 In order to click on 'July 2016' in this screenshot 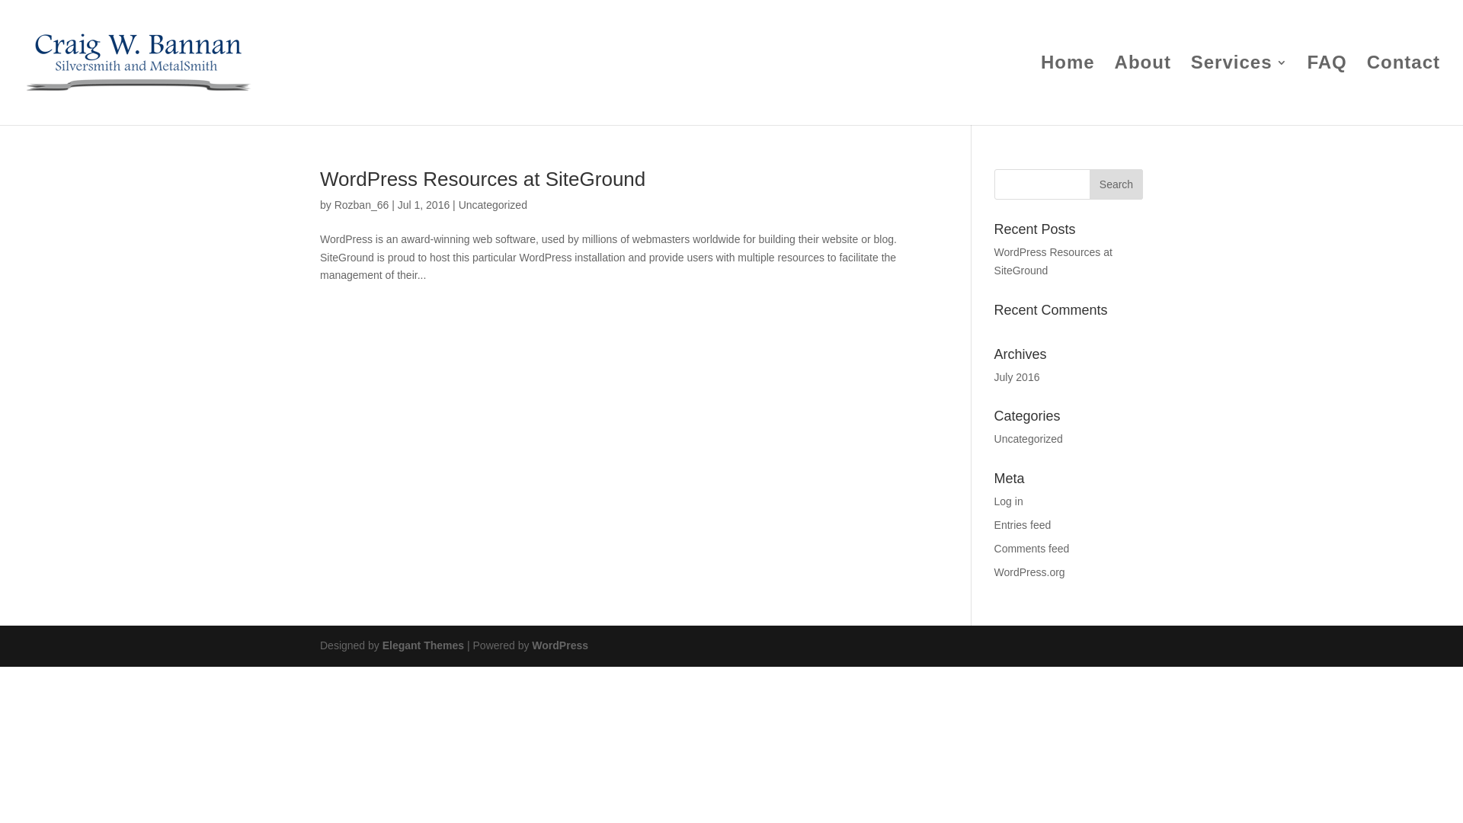, I will do `click(994, 376)`.